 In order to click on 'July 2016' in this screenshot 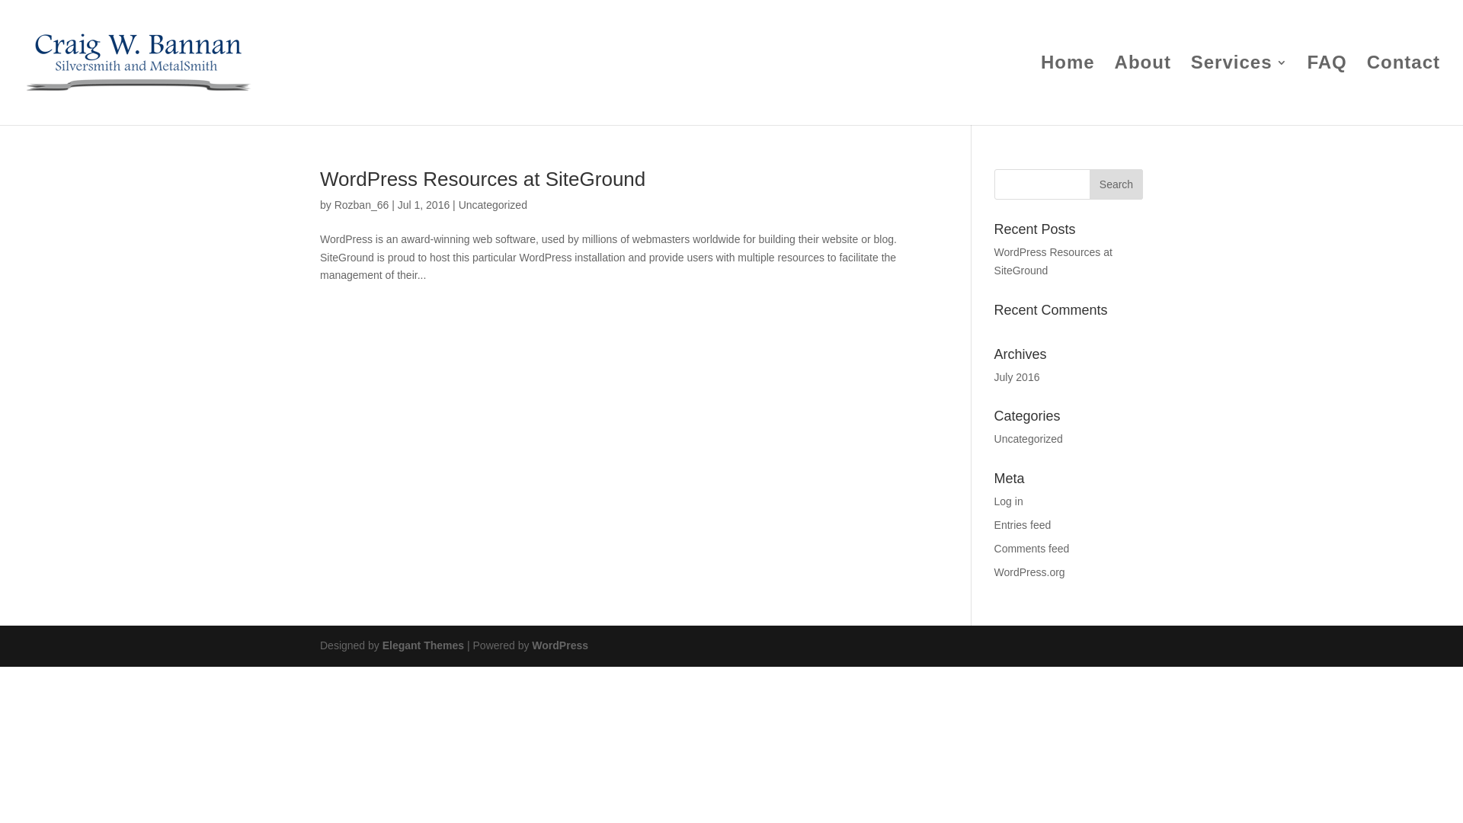, I will do `click(994, 376)`.